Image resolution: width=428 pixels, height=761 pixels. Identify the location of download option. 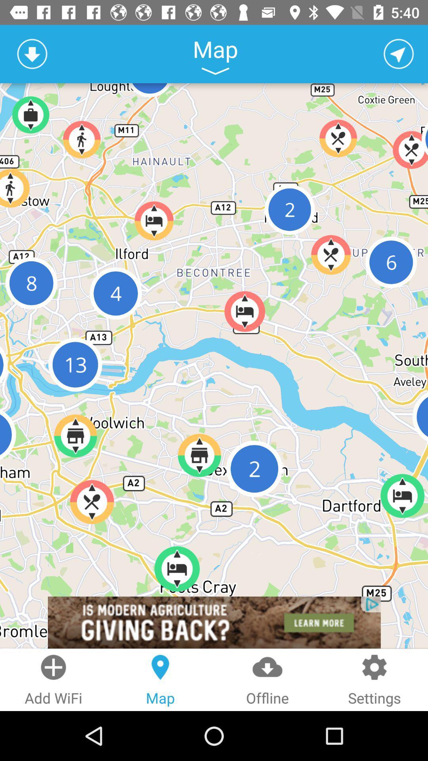
(32, 54).